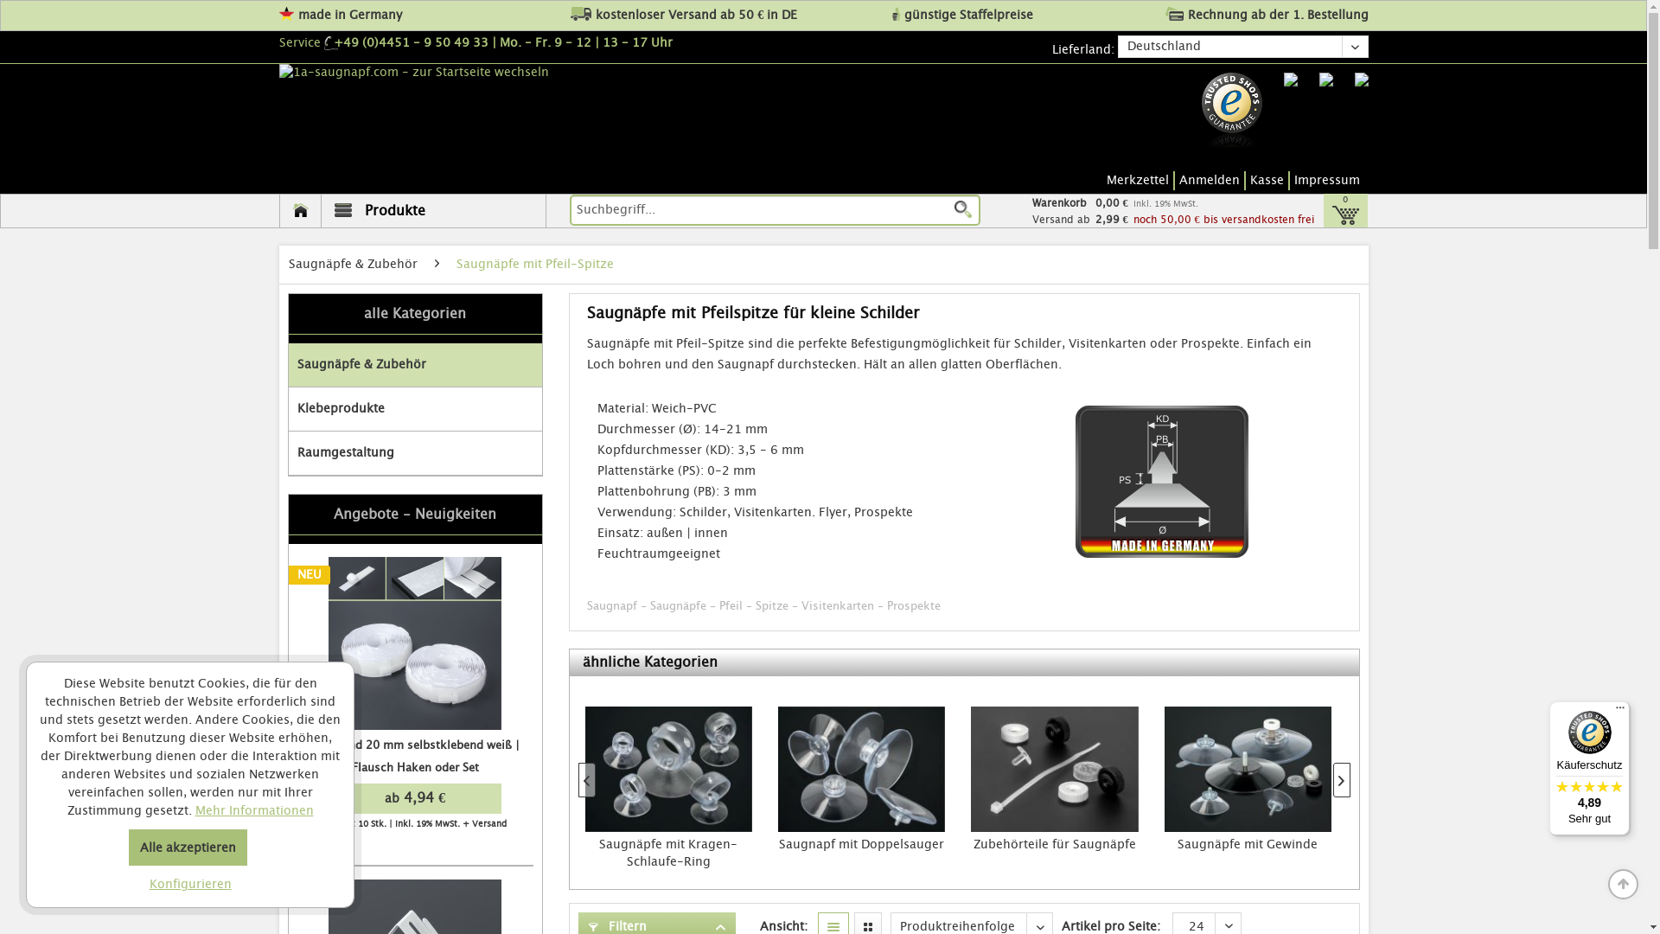 This screenshot has height=934, width=1660. I want to click on 'Impressum', so click(1327, 180).